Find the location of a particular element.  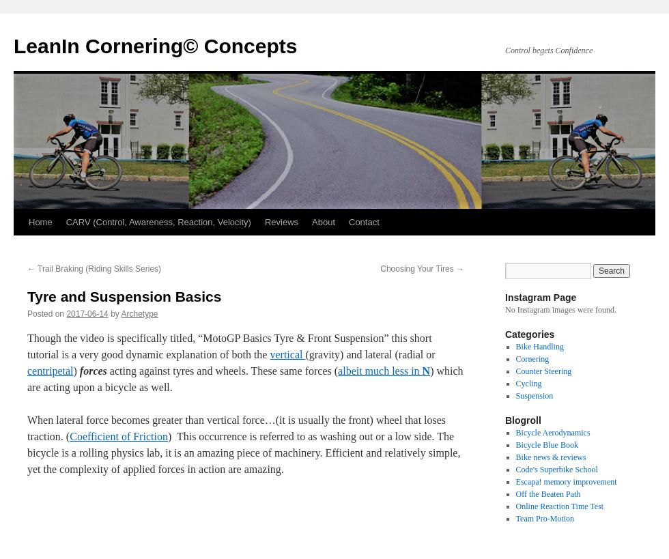

'Suspension' is located at coordinates (515, 396).